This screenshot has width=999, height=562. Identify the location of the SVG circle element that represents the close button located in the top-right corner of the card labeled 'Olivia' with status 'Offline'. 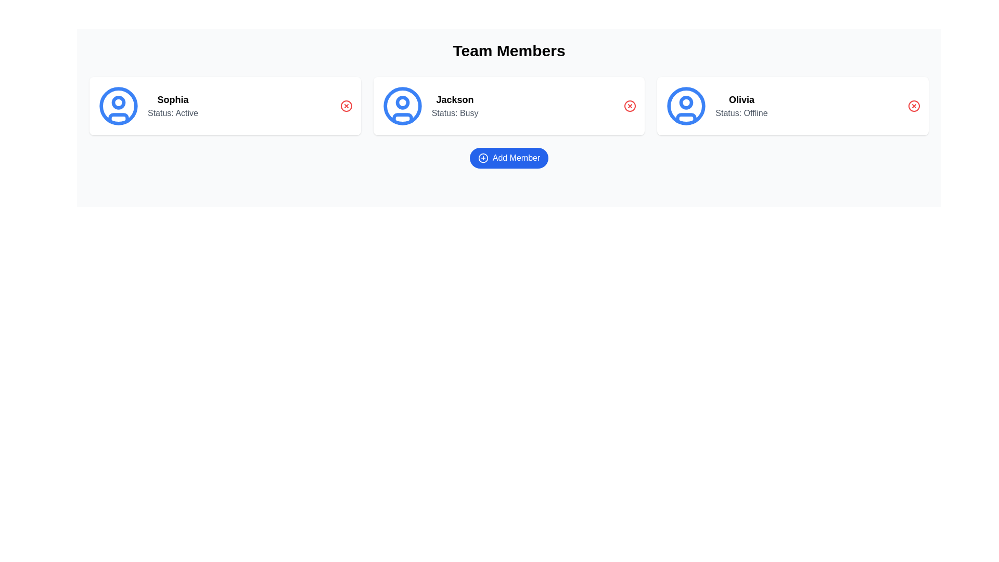
(913, 106).